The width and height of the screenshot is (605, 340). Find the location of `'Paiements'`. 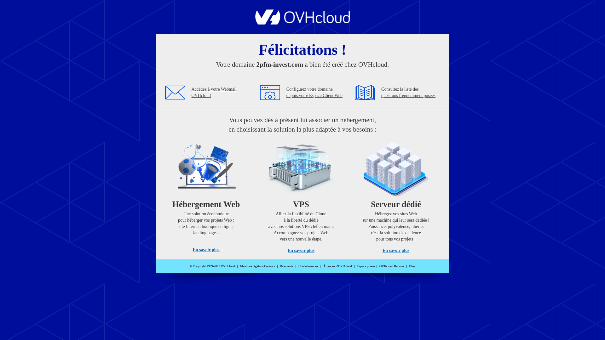

'Paiements' is located at coordinates (279, 266).